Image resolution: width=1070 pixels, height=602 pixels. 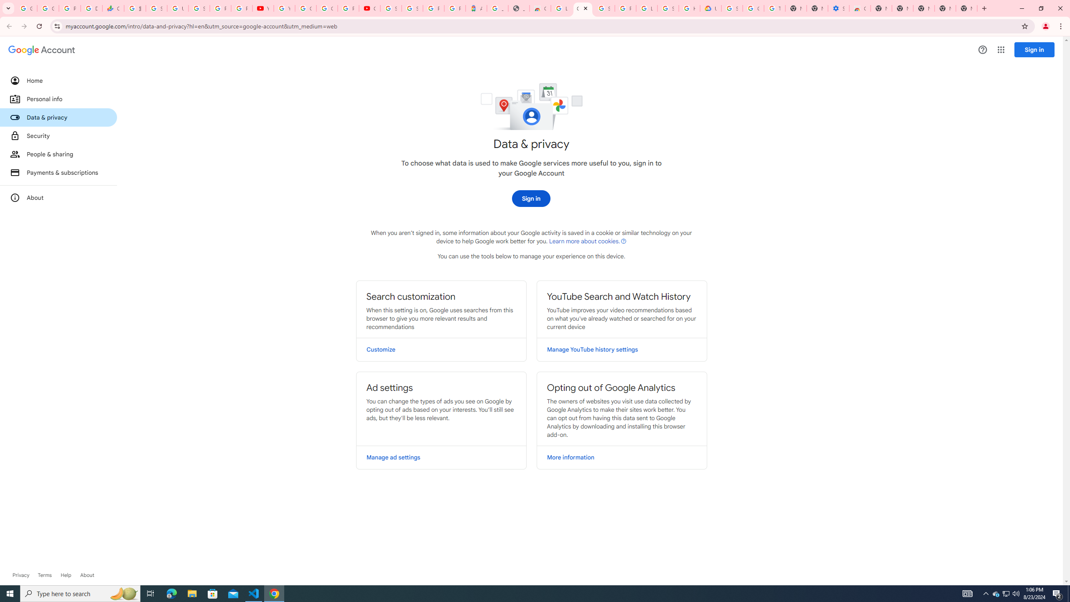 What do you see at coordinates (58, 98) in the screenshot?
I see `'Personal info'` at bounding box center [58, 98].